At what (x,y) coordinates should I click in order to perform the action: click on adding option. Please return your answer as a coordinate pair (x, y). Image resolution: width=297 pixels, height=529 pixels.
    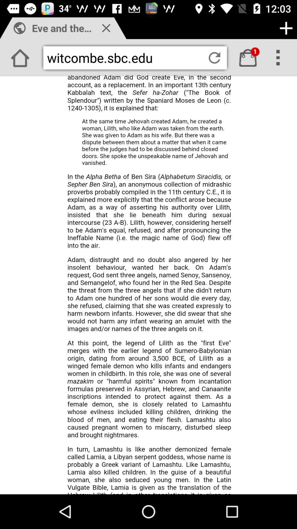
    Looking at the image, I should click on (286, 28).